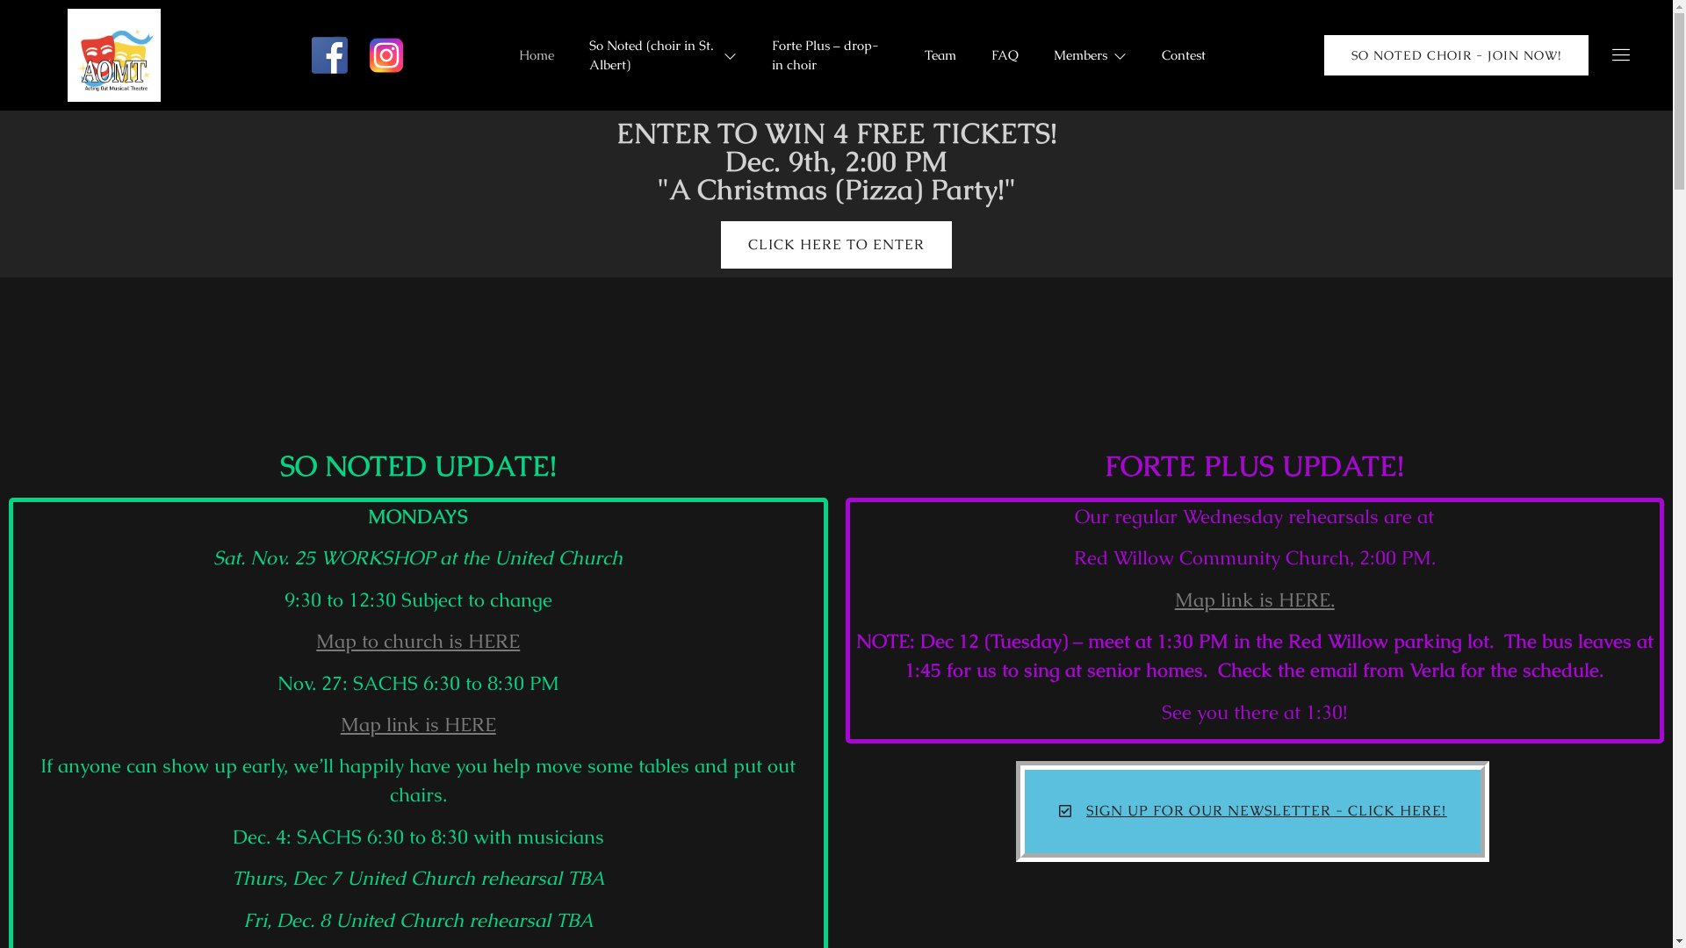 The width and height of the screenshot is (1686, 948). Describe the element at coordinates (1089, 54) in the screenshot. I see `'Members'` at that location.